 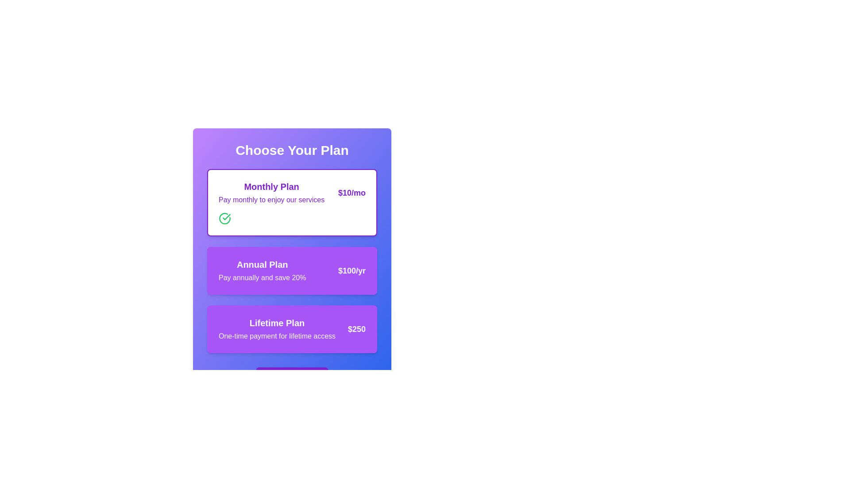 I want to click on the Text Label that displays 'Annual Plan' with a bold white font on a purple background, positioned between 'Monthly Plan' and 'Lifetime Plan', so click(x=262, y=270).